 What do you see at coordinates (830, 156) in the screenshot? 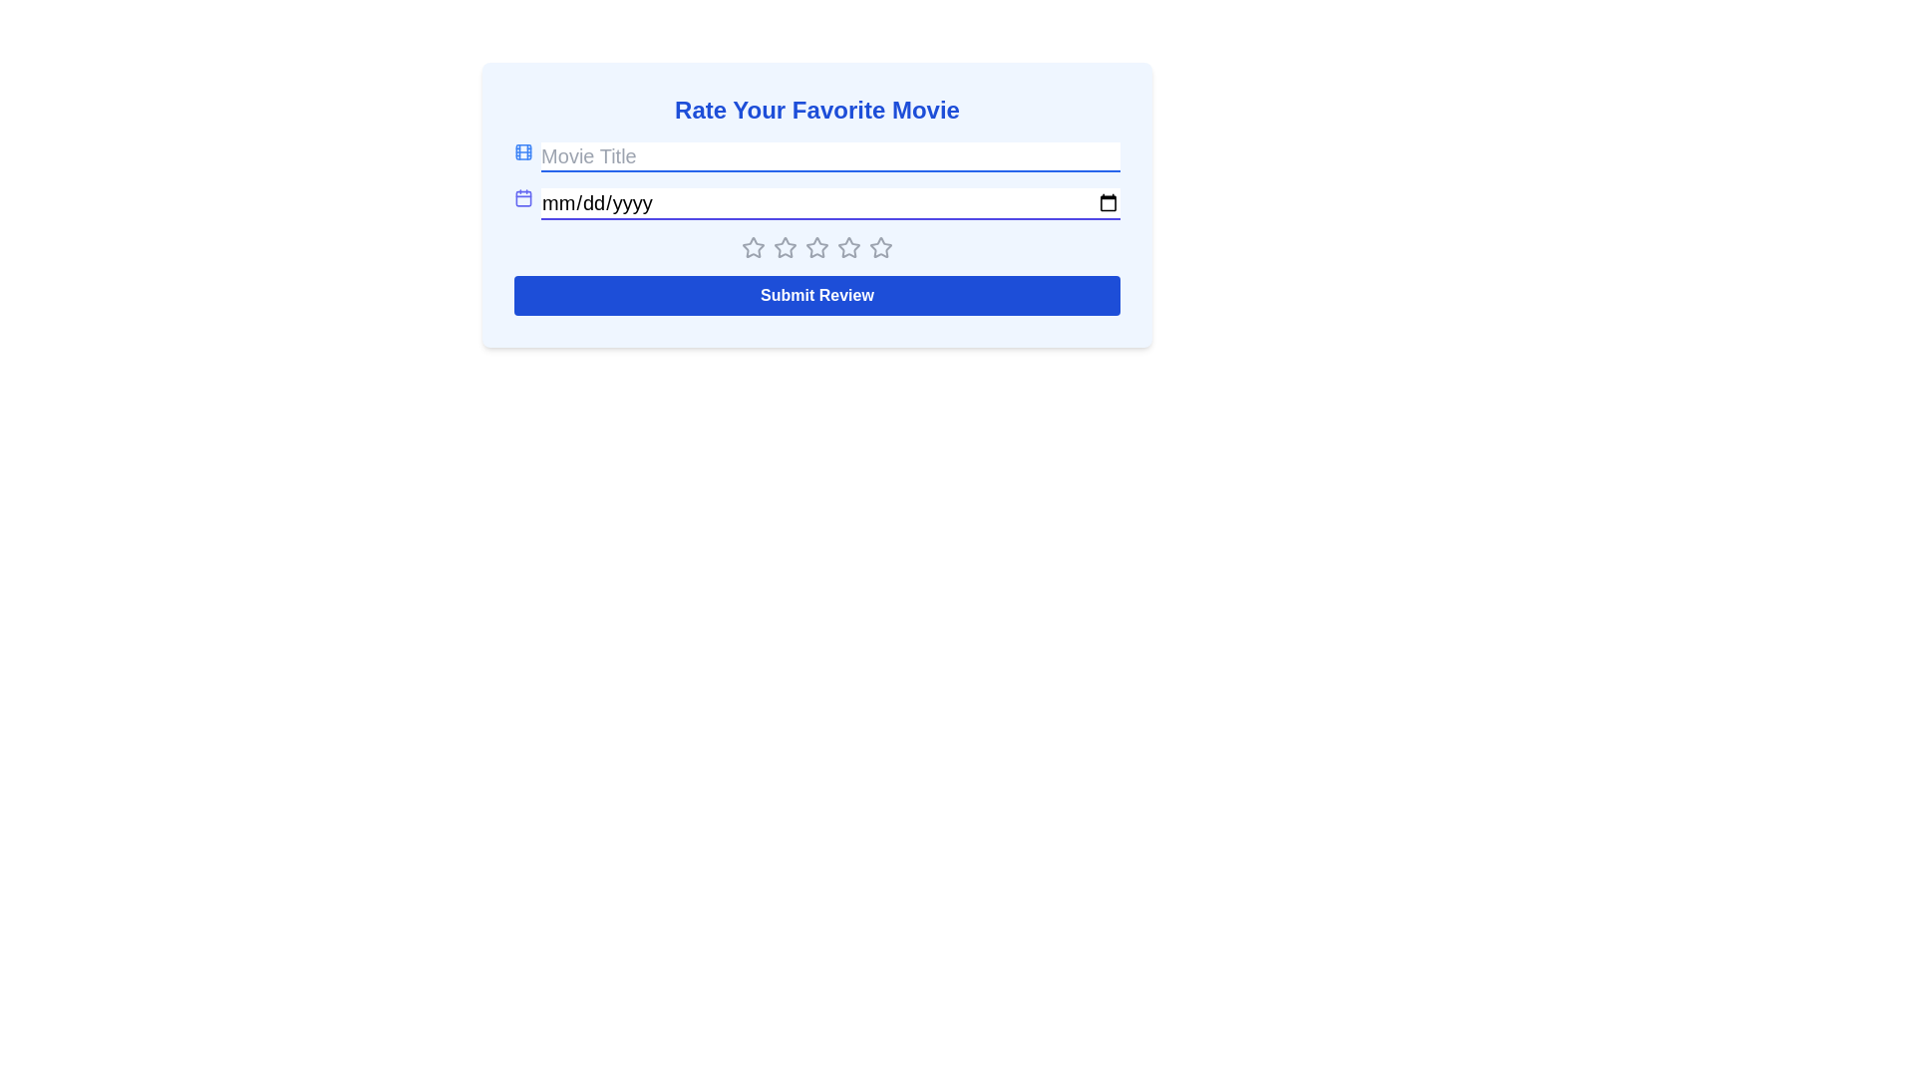
I see `the text input field with the placeholder 'Movie Title' to focus on it` at bounding box center [830, 156].